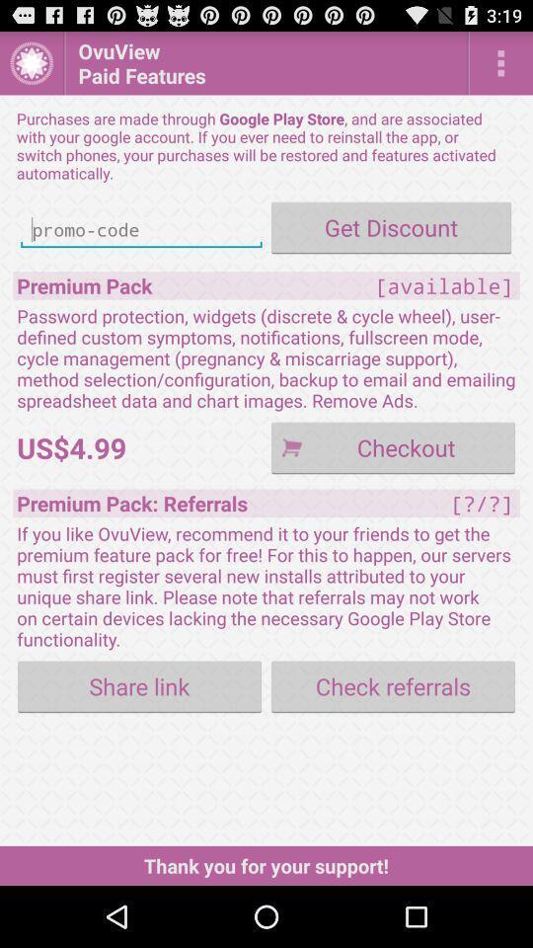 The width and height of the screenshot is (533, 948). What do you see at coordinates (138, 686) in the screenshot?
I see `the icon next to check referrals button` at bounding box center [138, 686].